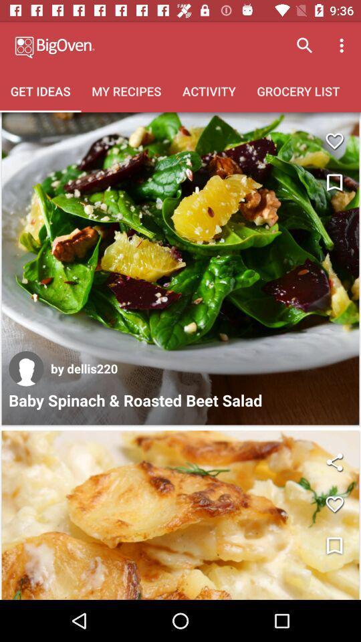  Describe the element at coordinates (334, 183) in the screenshot. I see `write the notes` at that location.